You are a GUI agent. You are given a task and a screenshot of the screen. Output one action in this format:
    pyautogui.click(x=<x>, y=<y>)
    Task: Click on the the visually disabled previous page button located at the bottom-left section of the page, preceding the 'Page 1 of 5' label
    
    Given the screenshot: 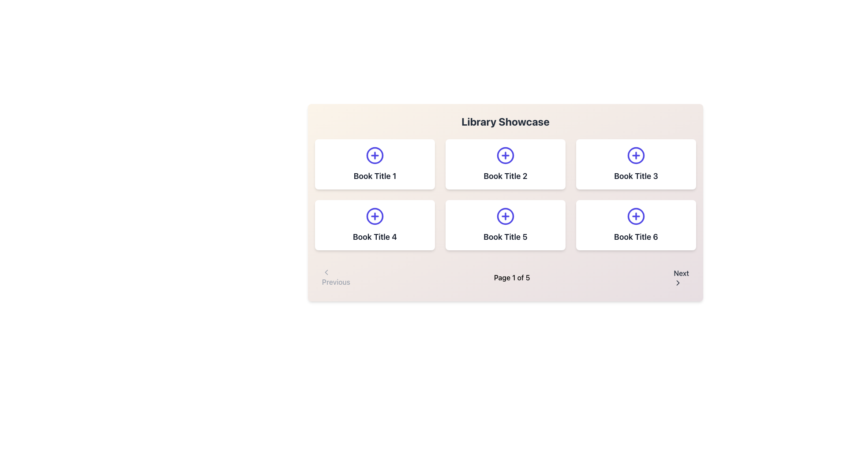 What is the action you would take?
    pyautogui.click(x=336, y=277)
    